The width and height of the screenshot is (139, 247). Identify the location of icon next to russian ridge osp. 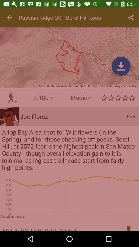
(131, 17).